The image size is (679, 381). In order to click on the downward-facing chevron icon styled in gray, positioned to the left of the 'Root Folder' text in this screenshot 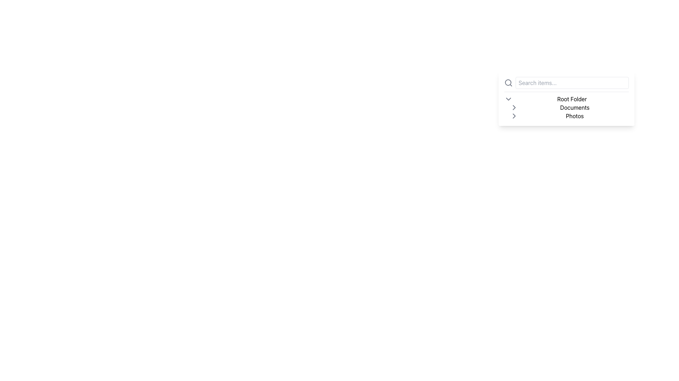, I will do `click(508, 99)`.